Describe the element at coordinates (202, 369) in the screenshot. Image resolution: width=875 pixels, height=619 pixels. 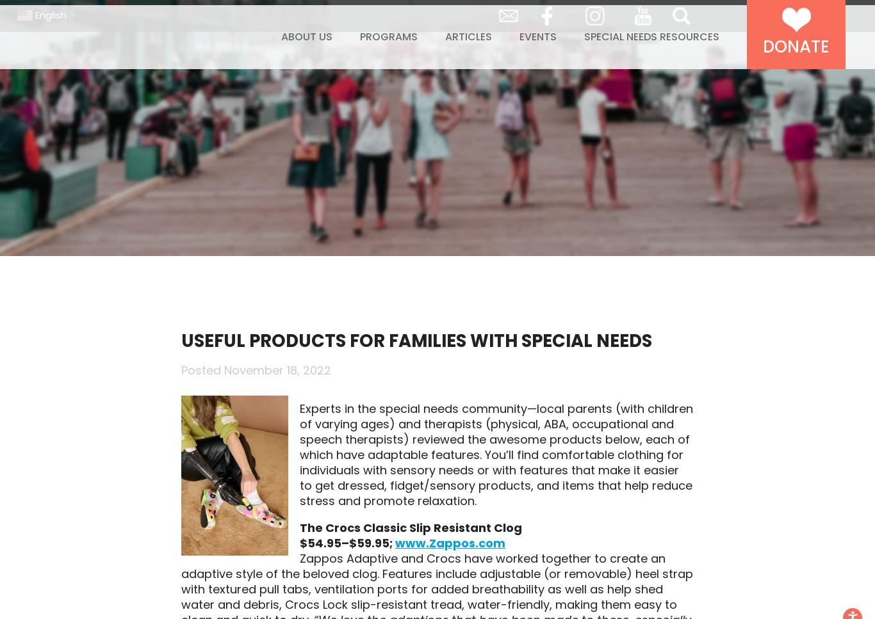
I see `'Posted'` at that location.